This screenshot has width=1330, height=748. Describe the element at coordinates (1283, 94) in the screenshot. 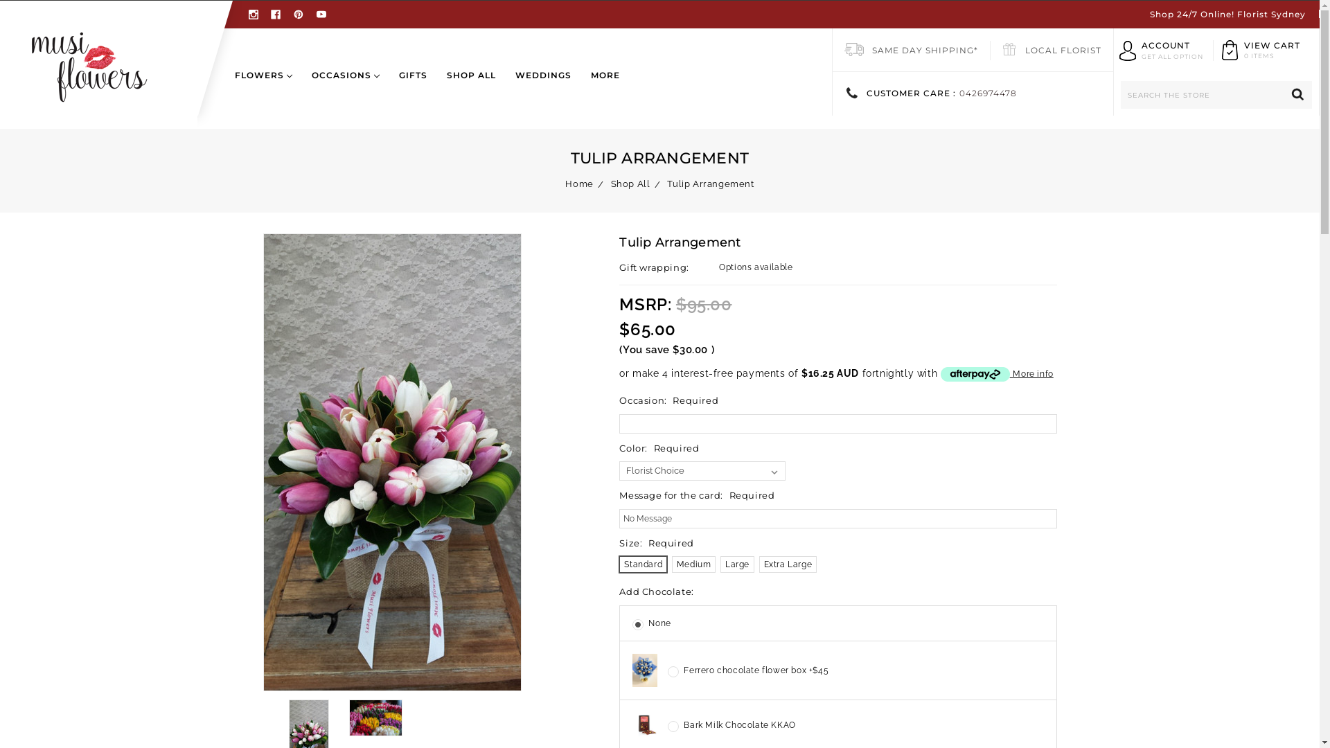

I see `'Search'` at that location.